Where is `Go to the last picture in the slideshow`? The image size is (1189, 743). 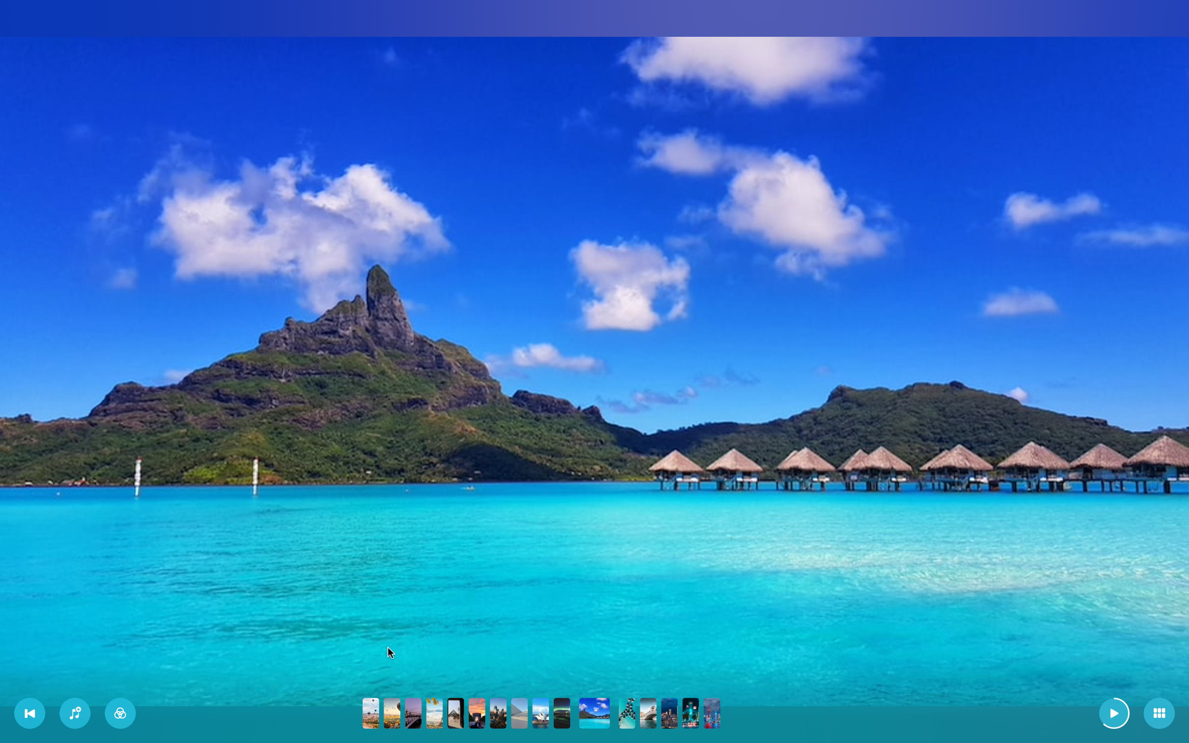
Go to the last picture in the slideshow is located at coordinates (711, 714).